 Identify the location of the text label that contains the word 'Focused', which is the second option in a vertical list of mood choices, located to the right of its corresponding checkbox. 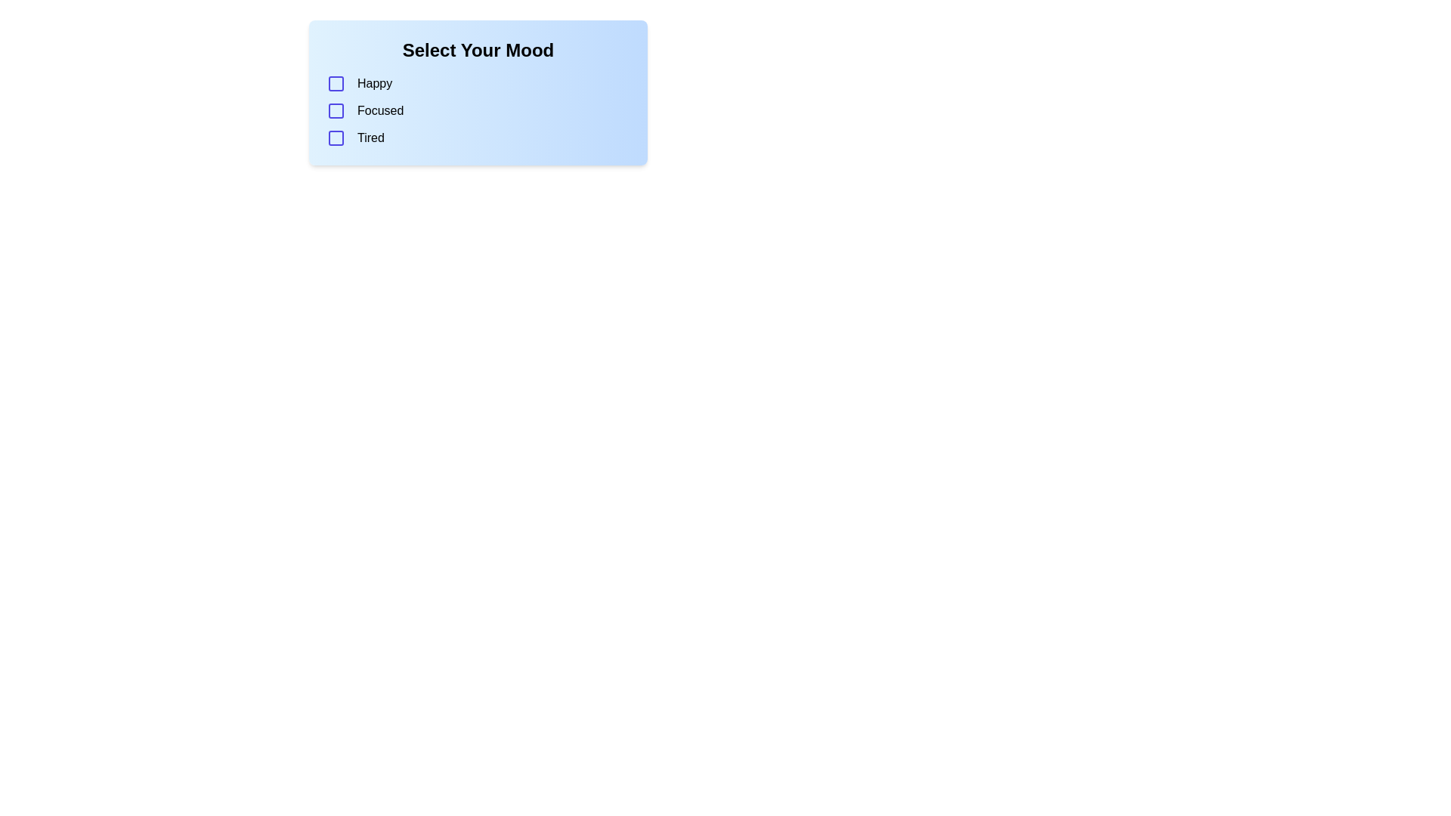
(380, 110).